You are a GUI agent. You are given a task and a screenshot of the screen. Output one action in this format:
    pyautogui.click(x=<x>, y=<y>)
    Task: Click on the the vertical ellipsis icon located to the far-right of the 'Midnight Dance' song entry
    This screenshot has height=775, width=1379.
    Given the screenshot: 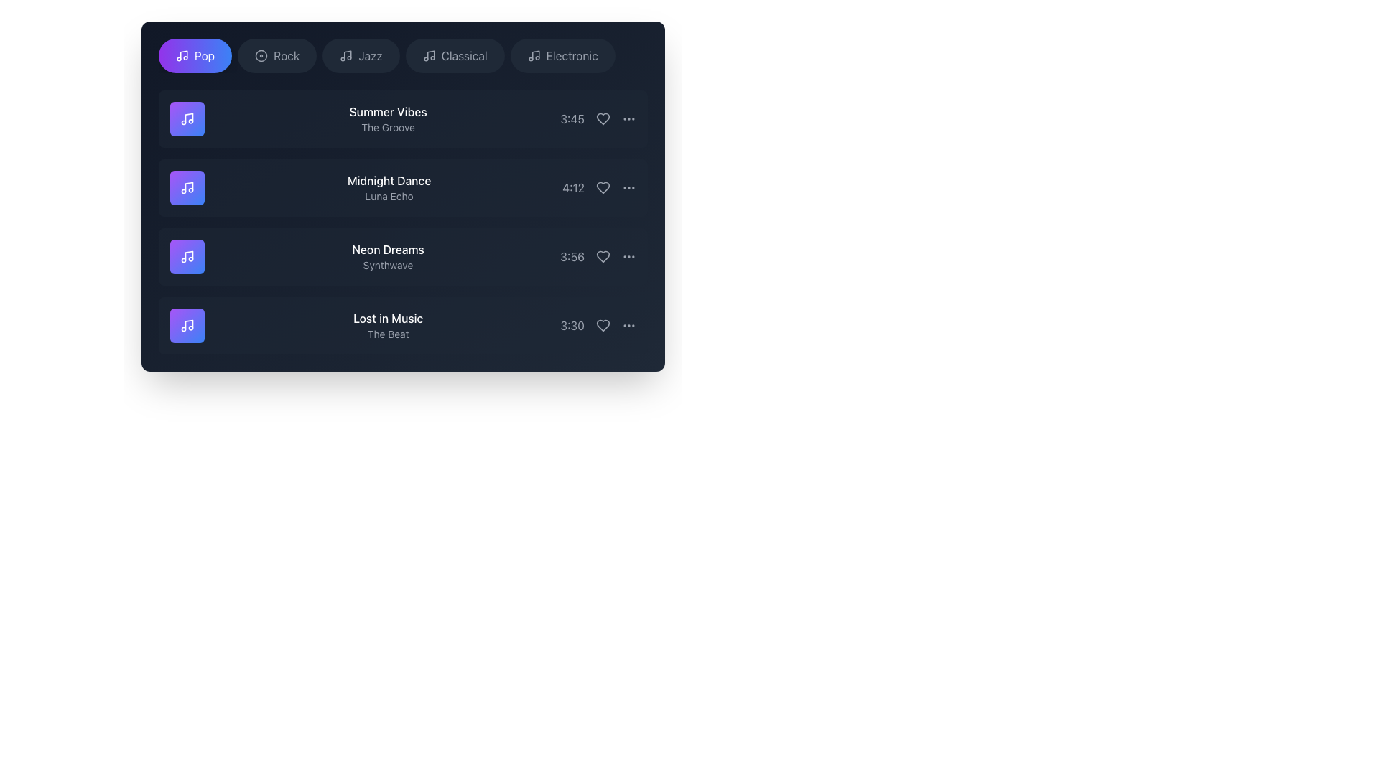 What is the action you would take?
    pyautogui.click(x=628, y=187)
    